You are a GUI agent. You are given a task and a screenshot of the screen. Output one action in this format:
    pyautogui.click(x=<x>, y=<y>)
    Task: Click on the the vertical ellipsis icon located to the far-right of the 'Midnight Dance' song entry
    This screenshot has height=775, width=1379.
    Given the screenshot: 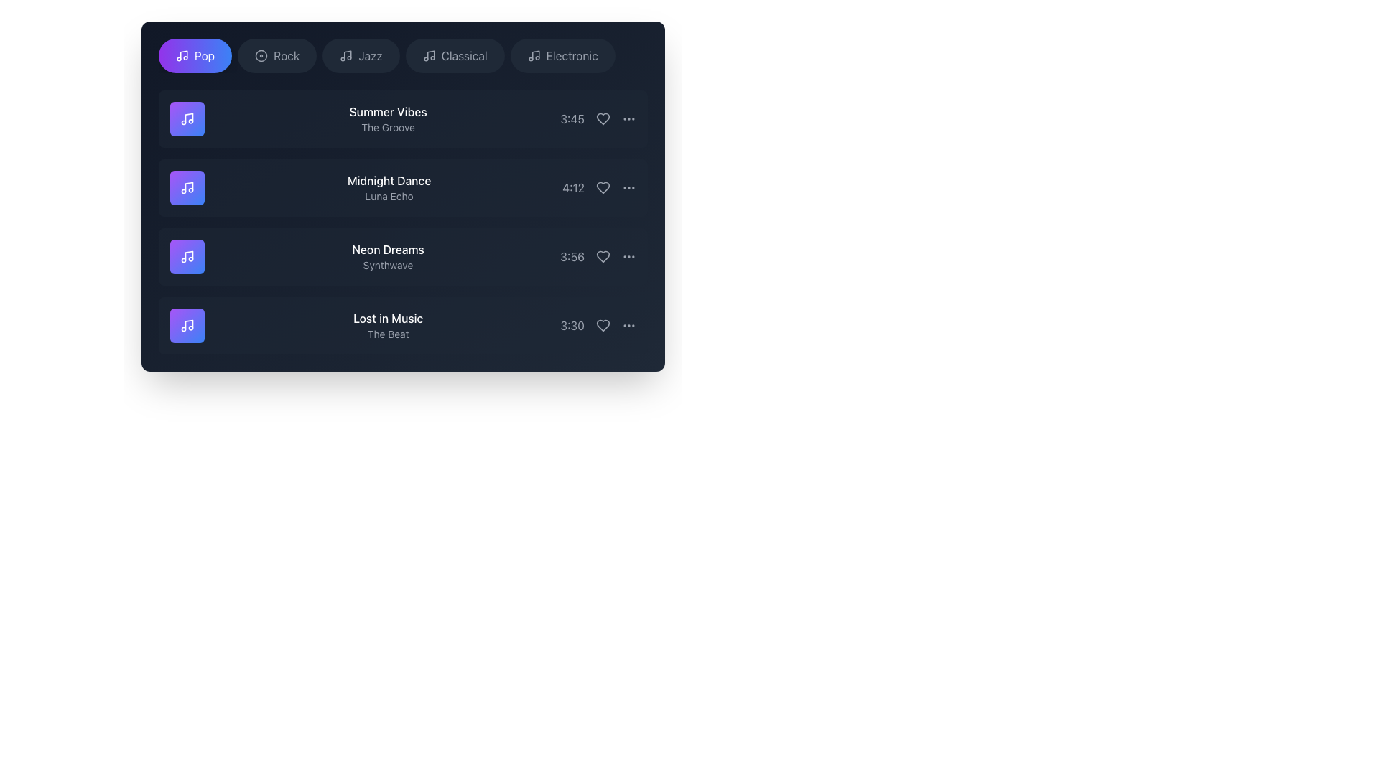 What is the action you would take?
    pyautogui.click(x=628, y=187)
    